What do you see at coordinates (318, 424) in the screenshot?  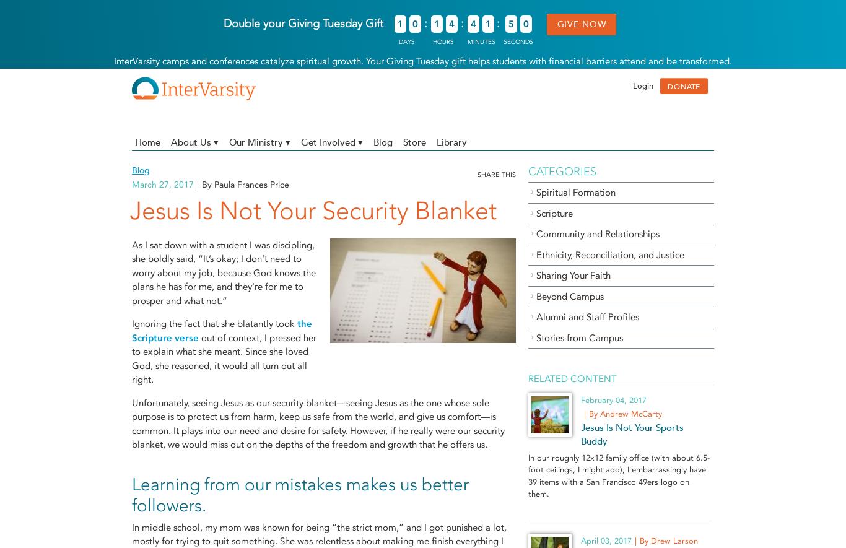 I see `'Unfortunately, seeing Jesus as our security blanket—seeing Jesus as the one whose sole purpose is to protect us from harm, keep us safe from the world, and give us comfort—is common. It plays into our need and desire for safety. However, if he really were our security blanket, we would miss out on the depths of the freedom and growth that he offers us.'` at bounding box center [318, 424].